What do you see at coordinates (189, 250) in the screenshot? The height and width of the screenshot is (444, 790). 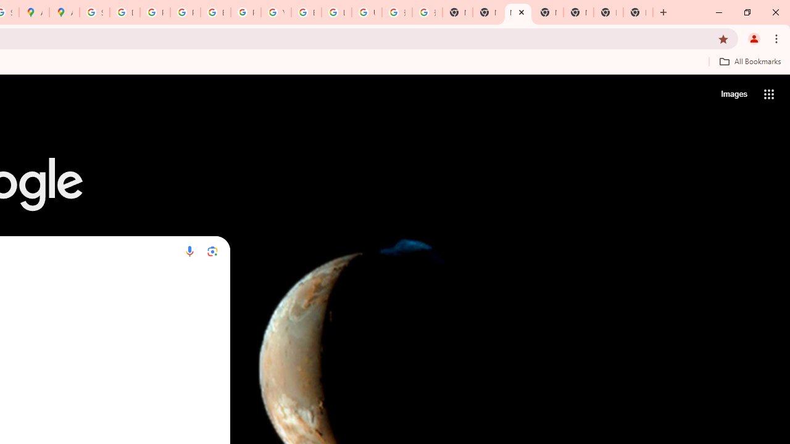 I see `'Search by voice'` at bounding box center [189, 250].